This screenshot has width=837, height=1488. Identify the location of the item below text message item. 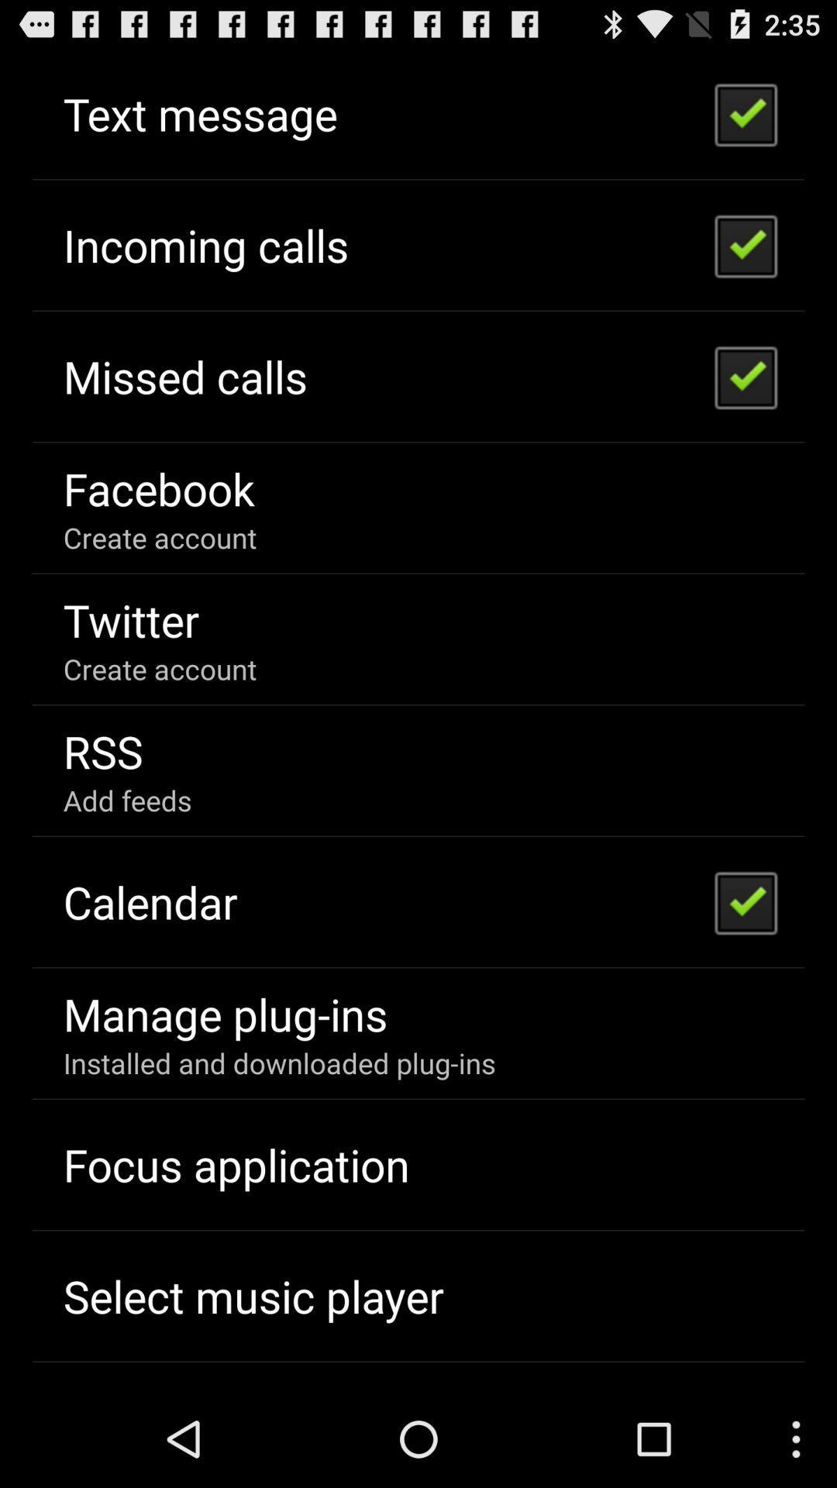
(205, 244).